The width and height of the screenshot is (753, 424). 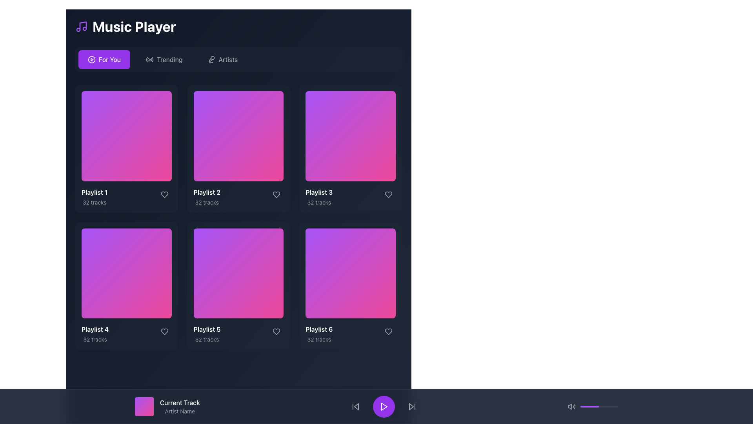 What do you see at coordinates (207, 192) in the screenshot?
I see `the text label that identifies the playlist, located in the upper middle section of the interface, beneath the pink gradient image` at bounding box center [207, 192].